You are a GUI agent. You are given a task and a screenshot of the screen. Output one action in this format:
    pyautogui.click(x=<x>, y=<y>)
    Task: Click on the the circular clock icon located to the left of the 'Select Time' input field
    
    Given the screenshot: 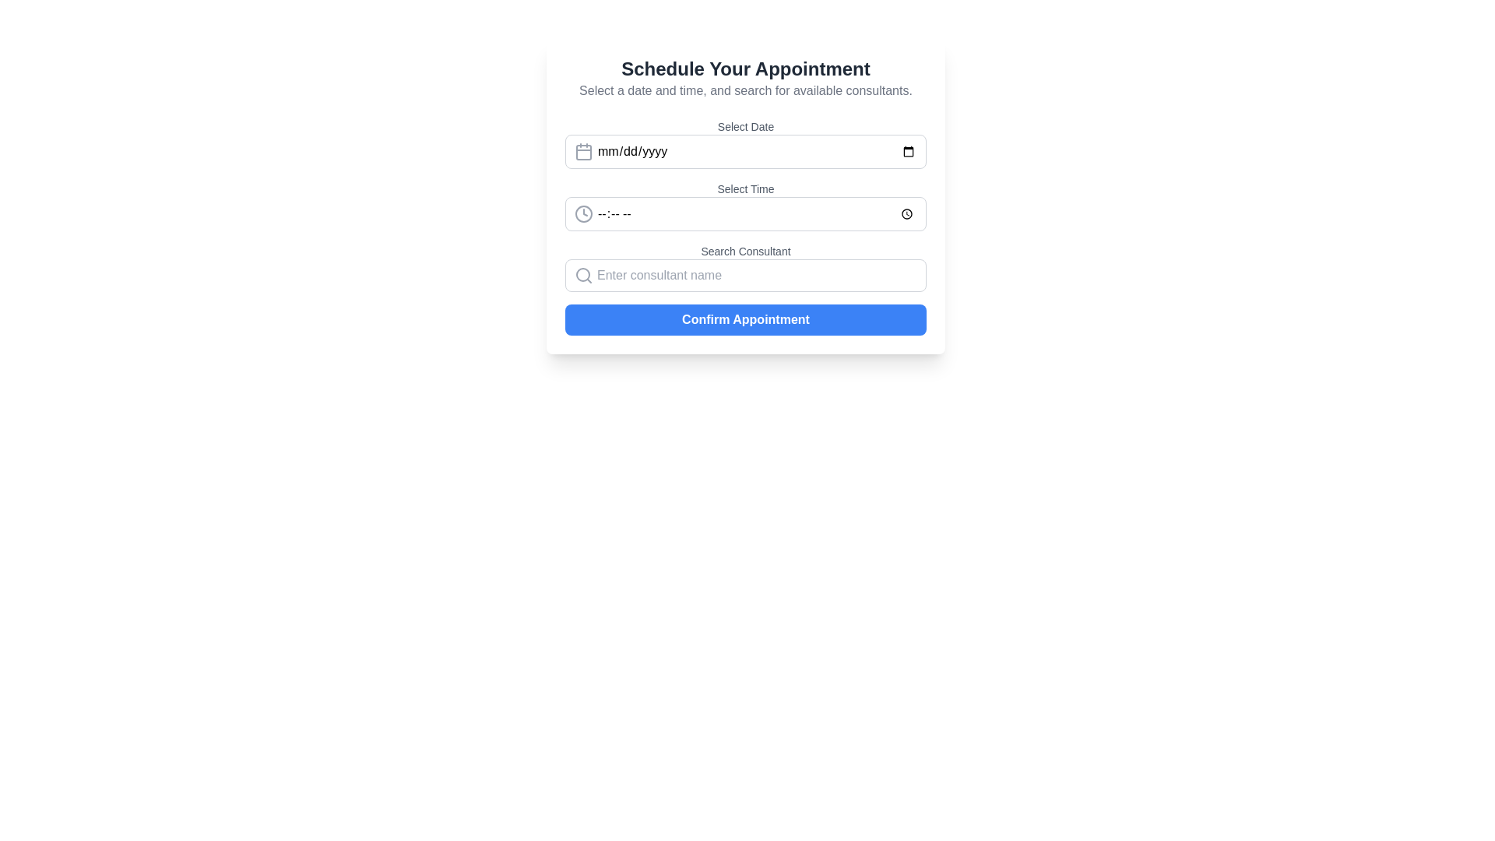 What is the action you would take?
    pyautogui.click(x=582, y=213)
    